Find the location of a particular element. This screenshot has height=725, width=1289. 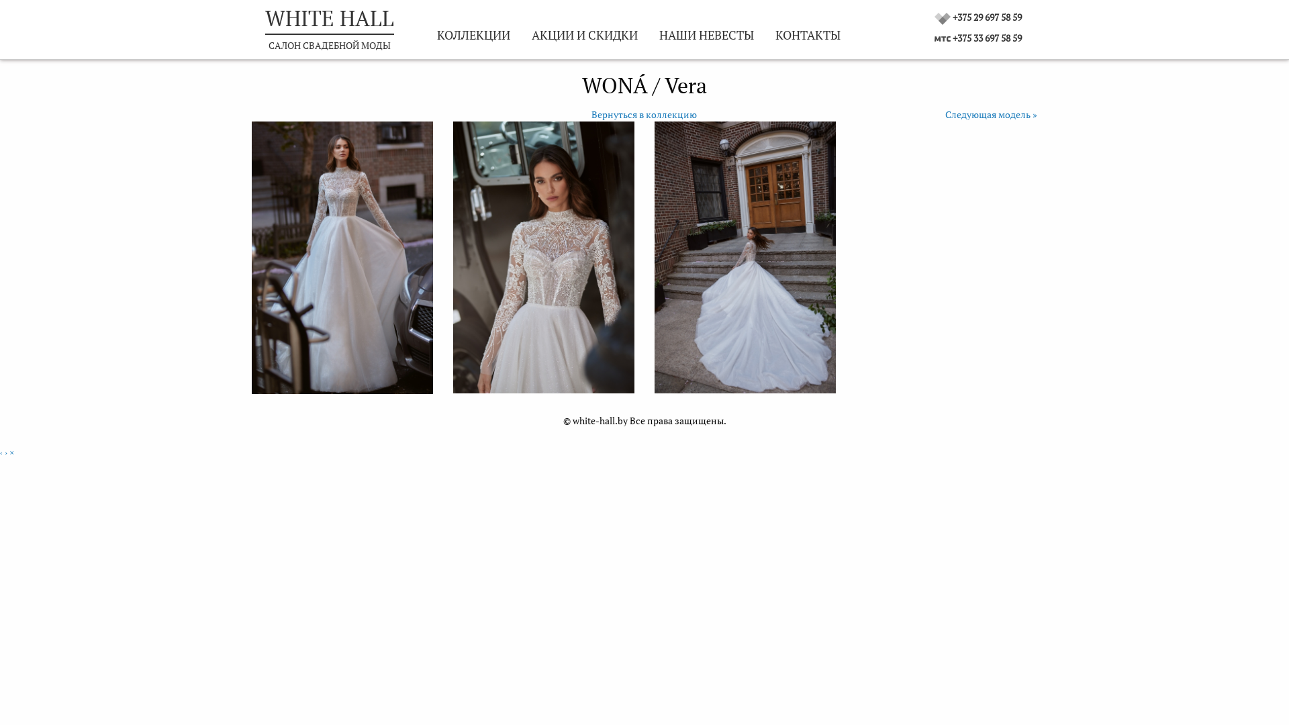

'+375 33 697 58 59' is located at coordinates (987, 36).